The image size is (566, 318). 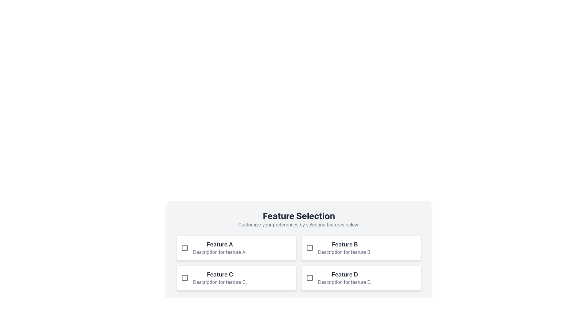 What do you see at coordinates (220, 274) in the screenshot?
I see `the Text Label that displays 'Feature C', which is styled in bold and large font, located in the lower-left quadrant of the grid layout` at bounding box center [220, 274].